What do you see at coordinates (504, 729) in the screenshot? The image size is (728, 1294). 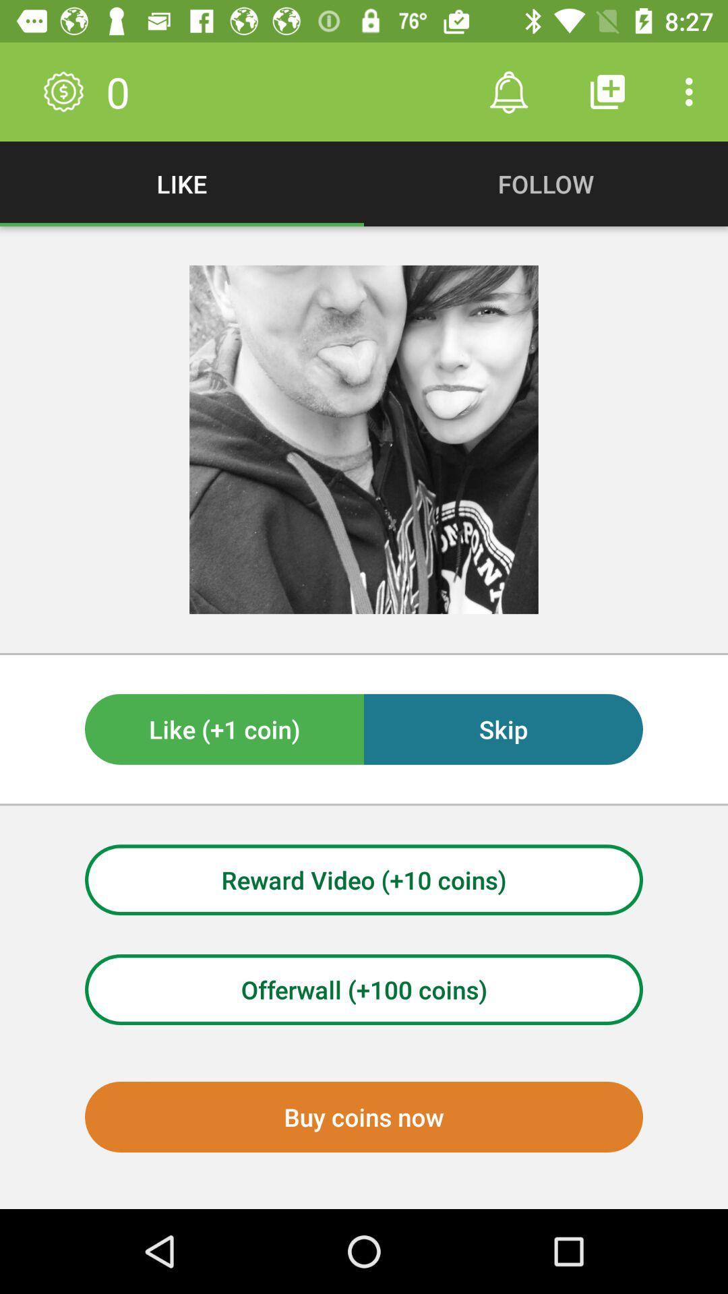 I see `the icon next to like (+1 coin) item` at bounding box center [504, 729].